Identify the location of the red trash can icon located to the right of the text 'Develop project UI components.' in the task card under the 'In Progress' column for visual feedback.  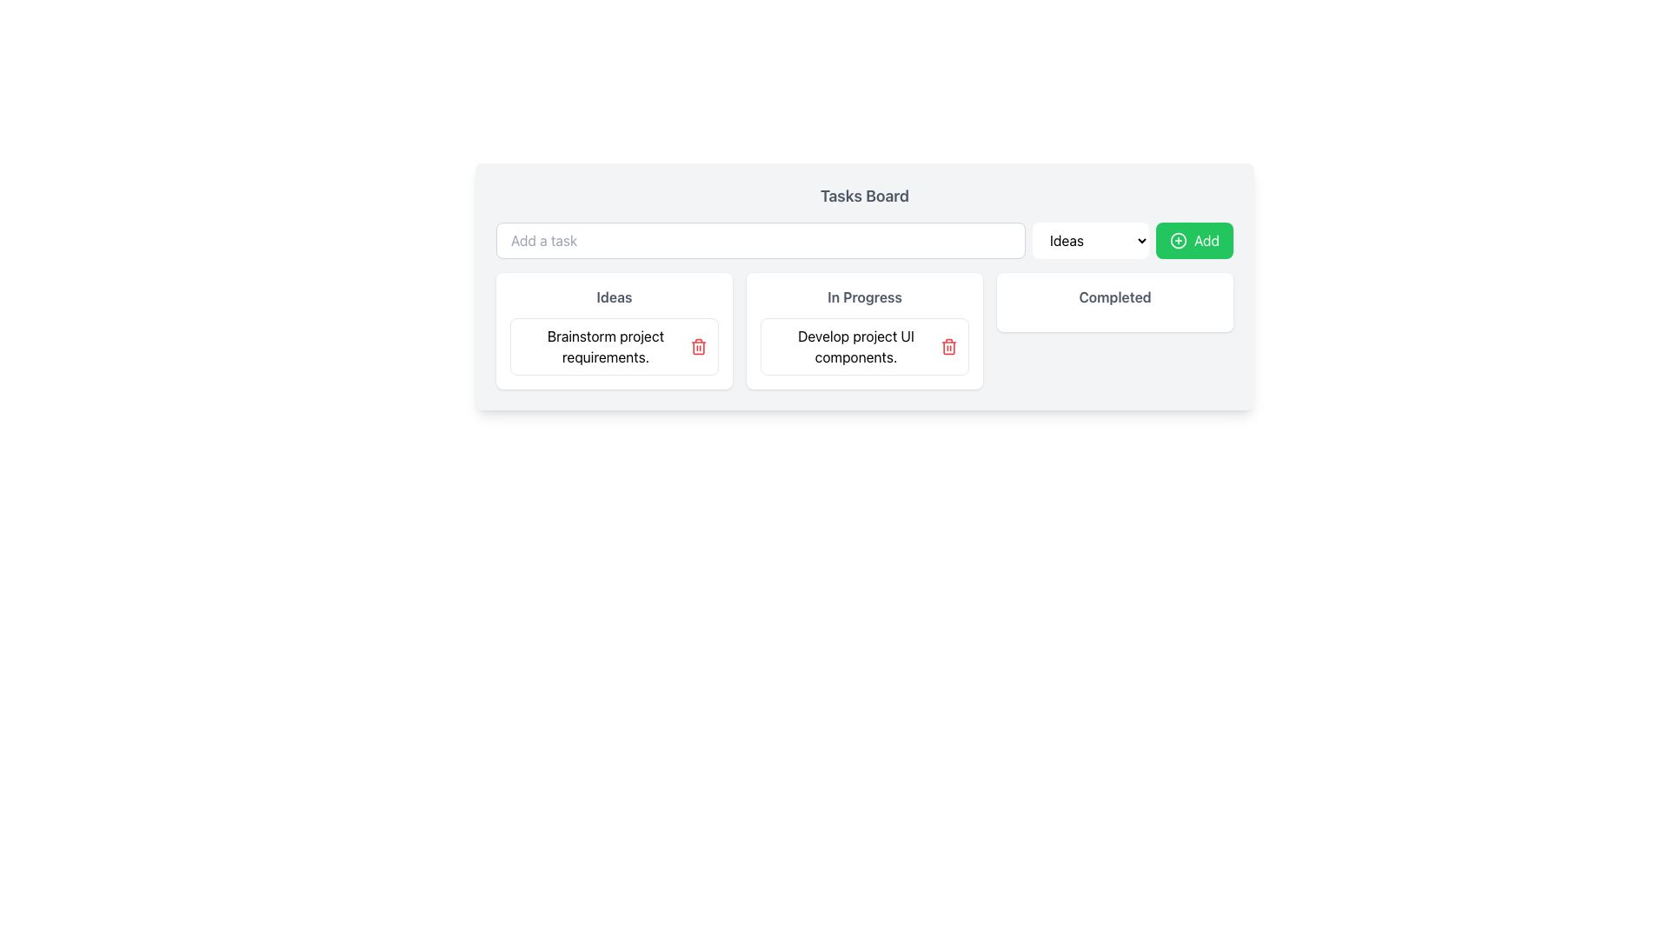
(948, 346).